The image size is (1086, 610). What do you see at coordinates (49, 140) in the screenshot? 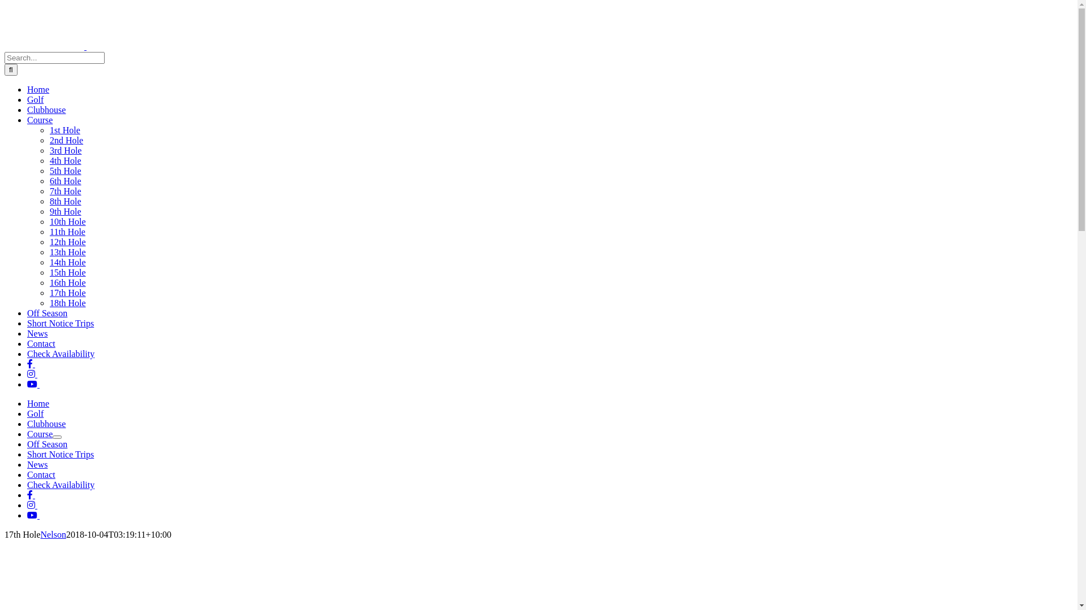
I see `'2nd Hole'` at bounding box center [49, 140].